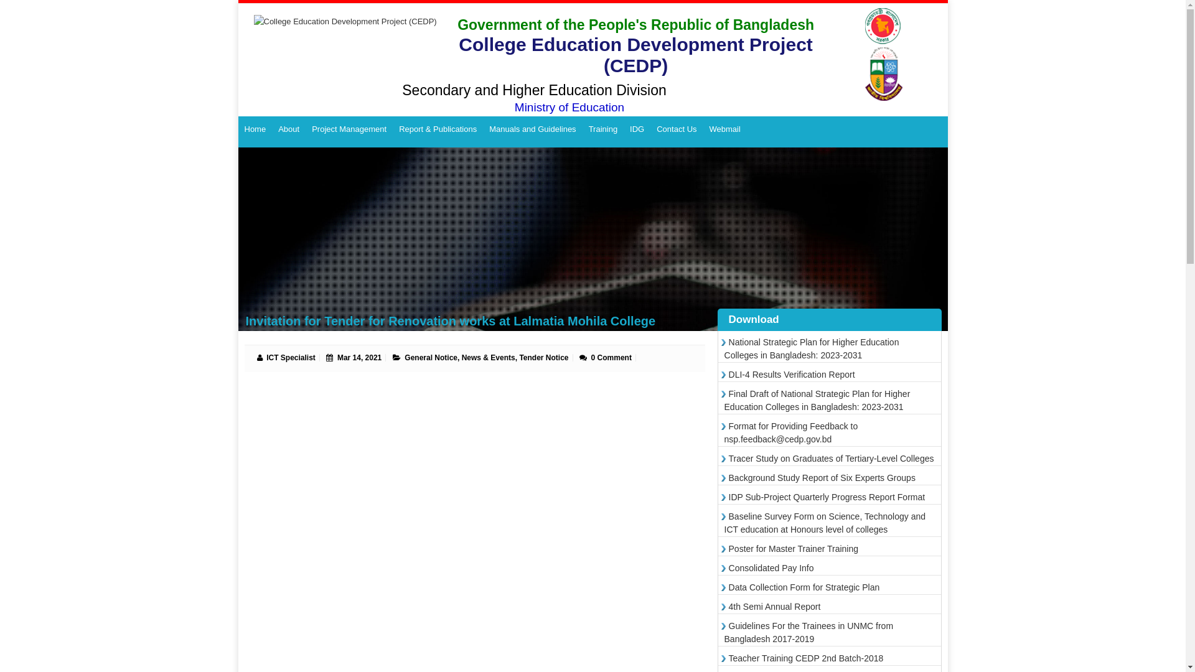  What do you see at coordinates (791, 548) in the screenshot?
I see `'Poster for Master Trainer Training'` at bounding box center [791, 548].